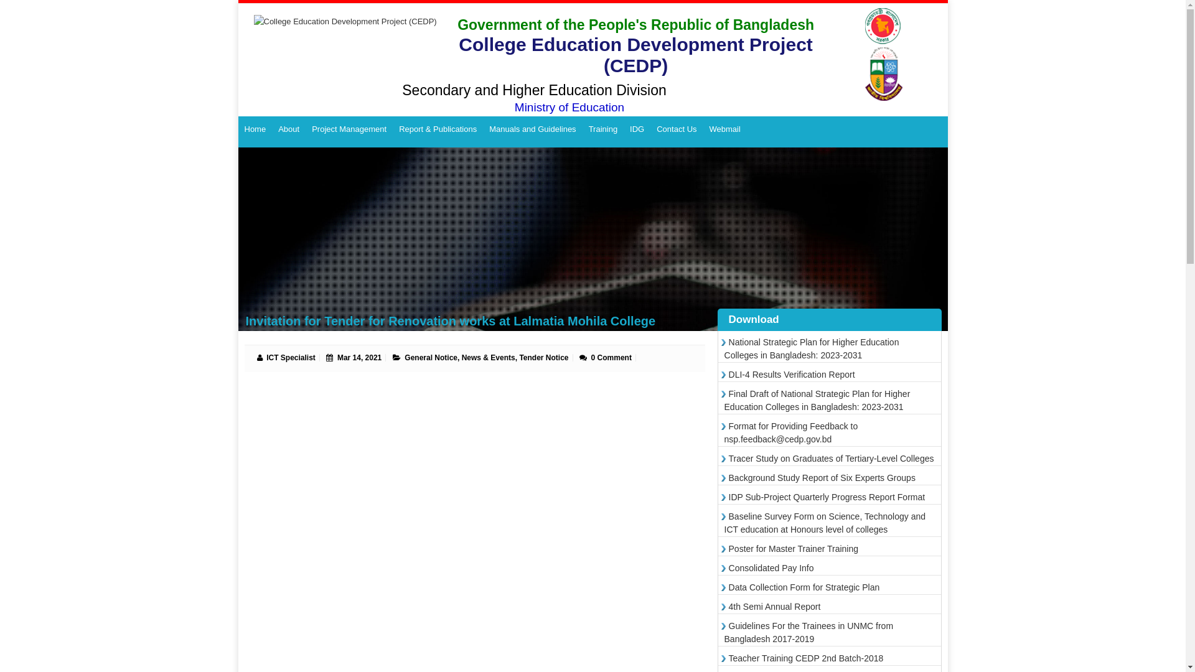  What do you see at coordinates (791, 548) in the screenshot?
I see `'Poster for Master Trainer Training'` at bounding box center [791, 548].